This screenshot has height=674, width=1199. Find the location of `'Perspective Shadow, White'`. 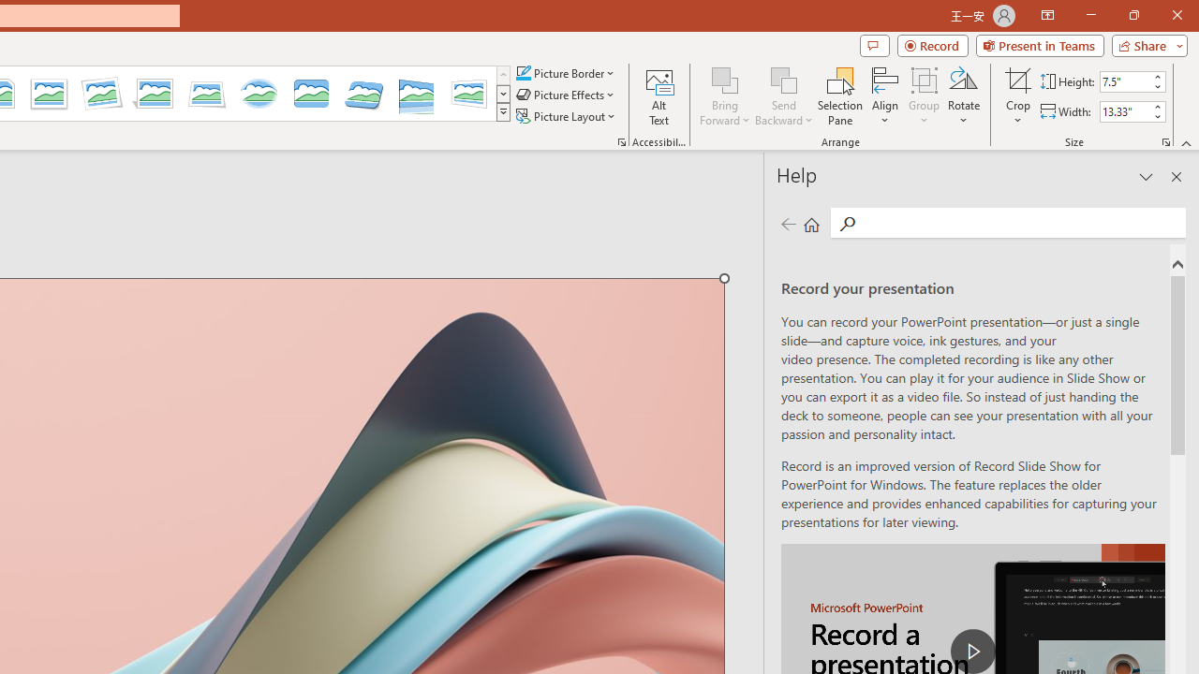

'Perspective Shadow, White' is located at coordinates (155, 94).